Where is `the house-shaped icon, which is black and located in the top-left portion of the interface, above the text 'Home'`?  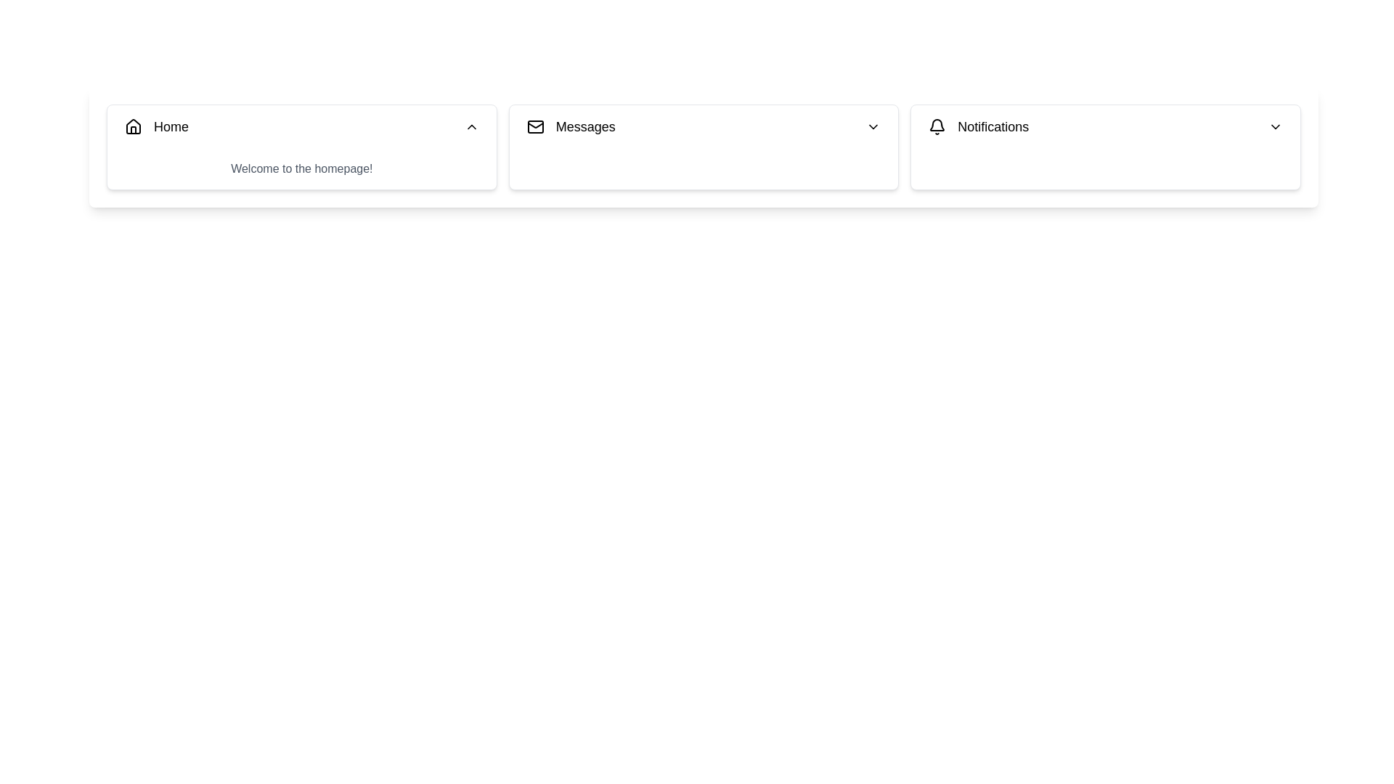 the house-shaped icon, which is black and located in the top-left portion of the interface, above the text 'Home' is located at coordinates (133, 126).